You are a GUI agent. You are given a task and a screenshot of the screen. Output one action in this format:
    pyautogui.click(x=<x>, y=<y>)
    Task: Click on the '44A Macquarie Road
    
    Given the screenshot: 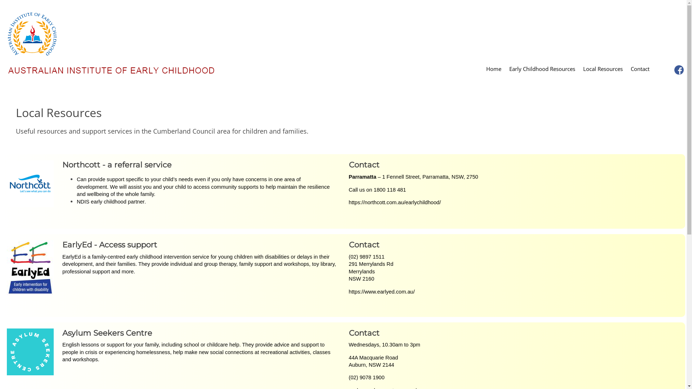 What is the action you would take?
    pyautogui.click(x=373, y=361)
    